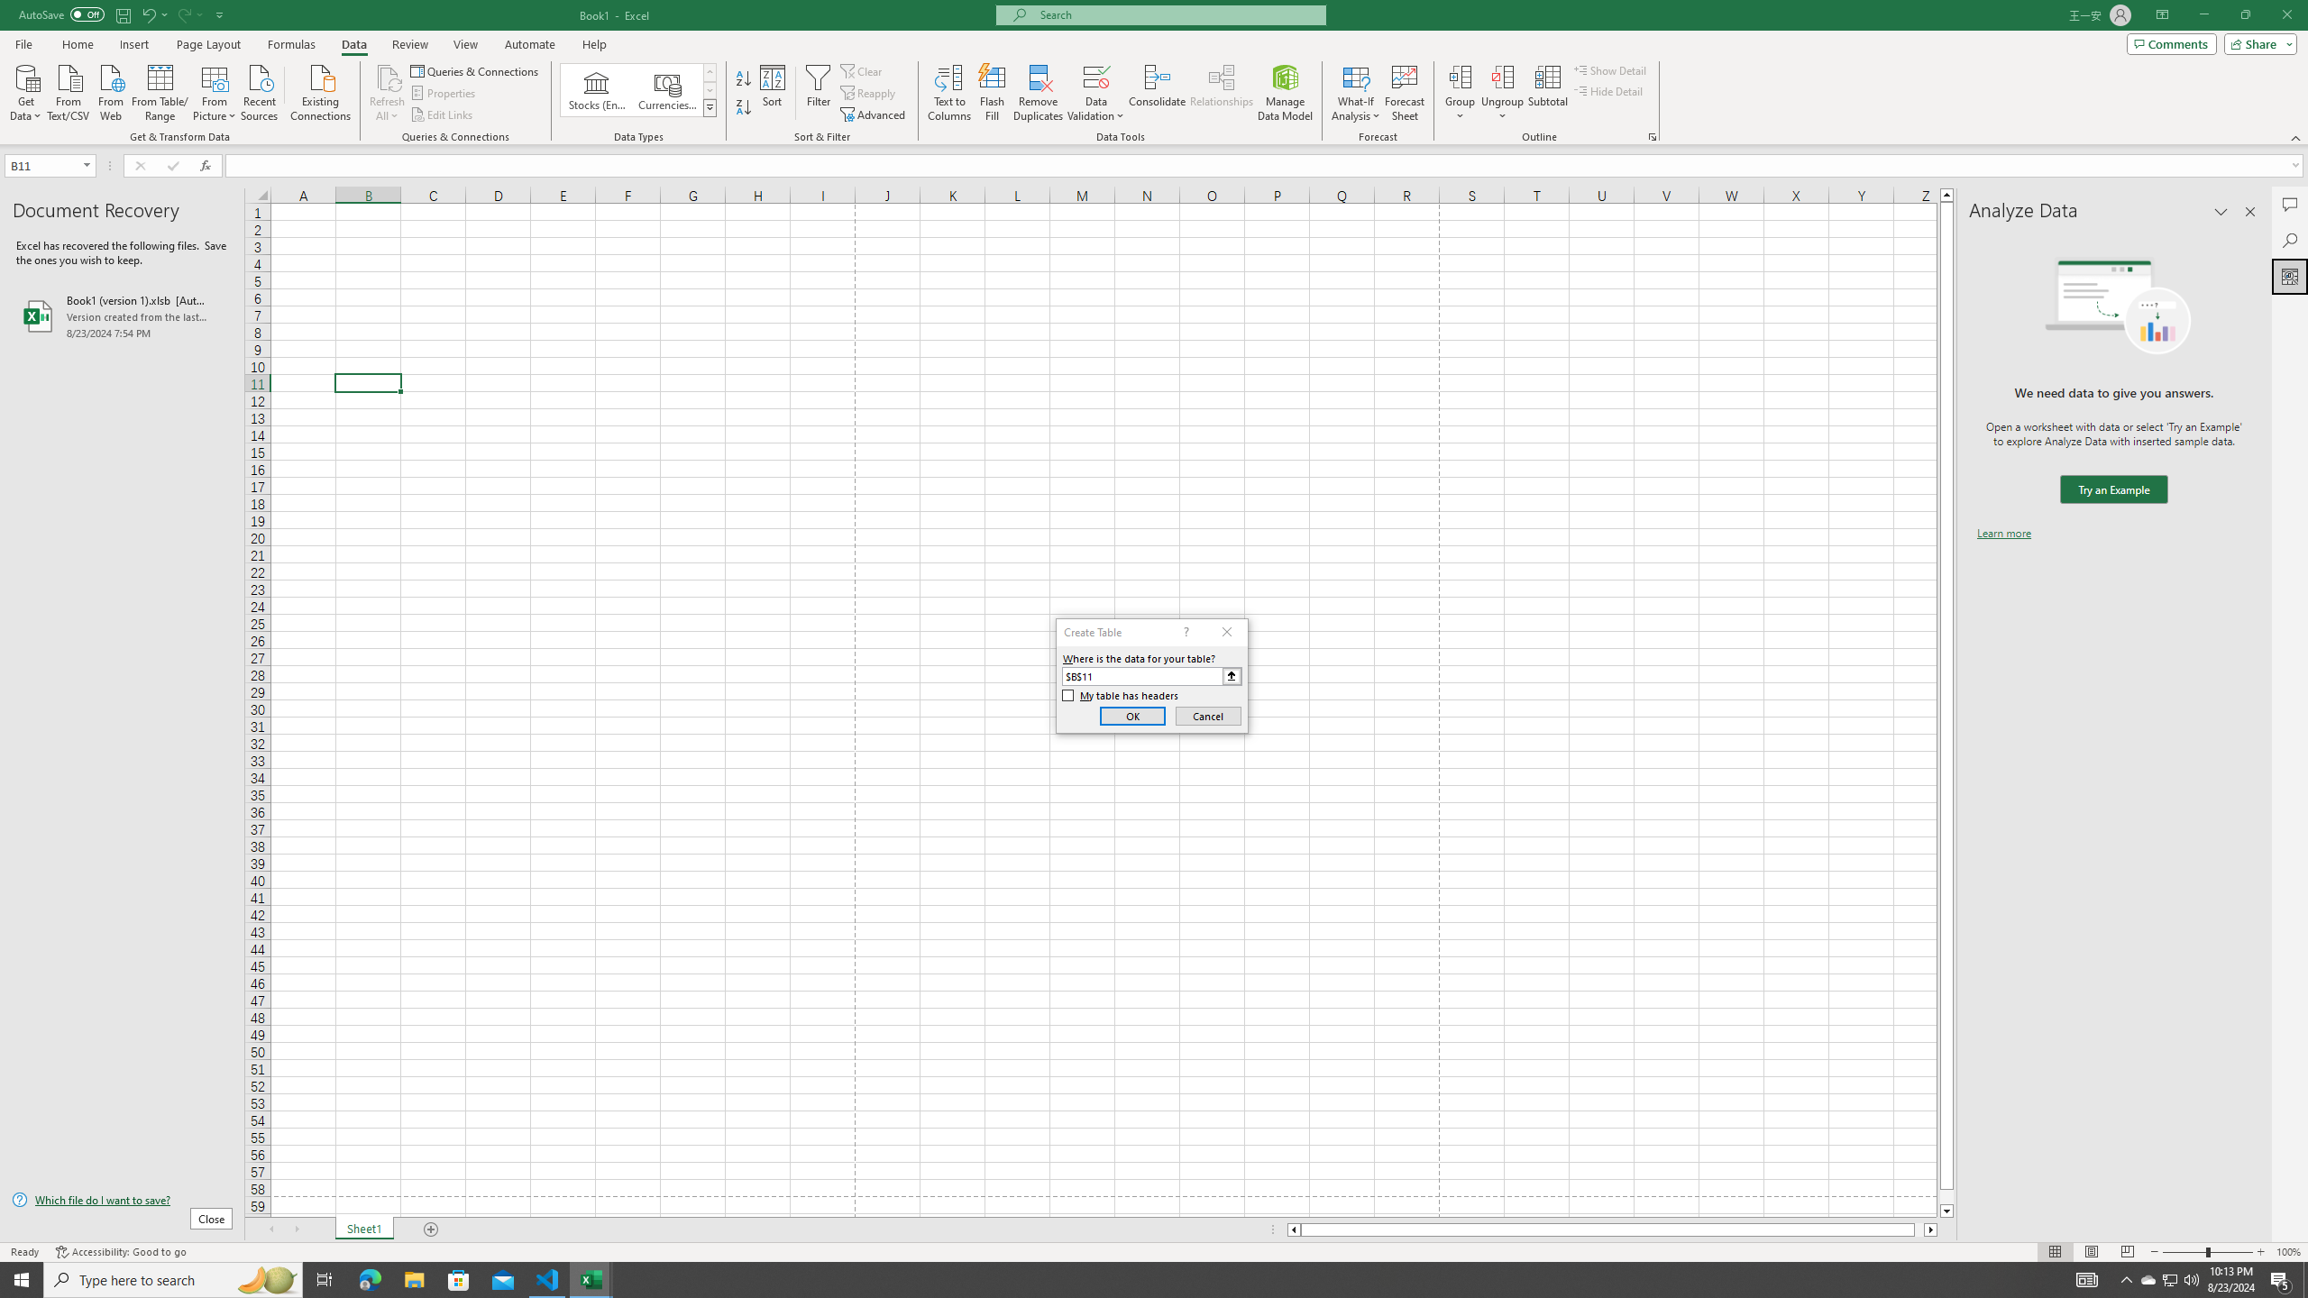 The width and height of the screenshot is (2308, 1298). Describe the element at coordinates (1095, 76) in the screenshot. I see `'Data Validation...'` at that location.